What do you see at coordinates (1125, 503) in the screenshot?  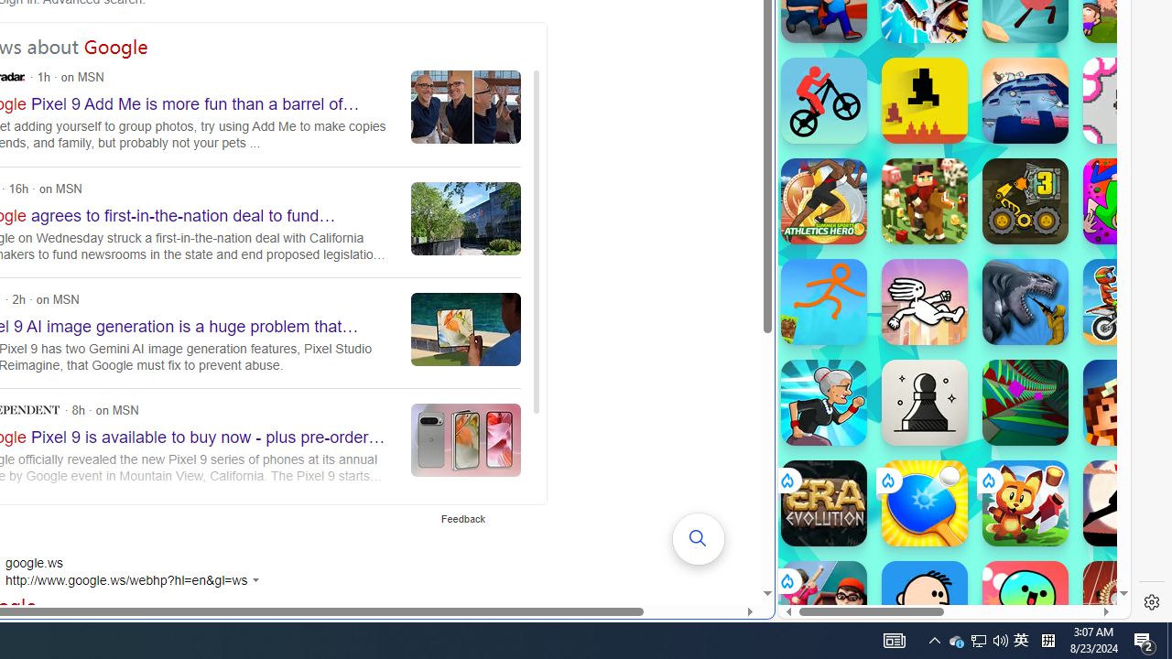 I see `'The Speed Ninja The Speed Ninja'` at bounding box center [1125, 503].